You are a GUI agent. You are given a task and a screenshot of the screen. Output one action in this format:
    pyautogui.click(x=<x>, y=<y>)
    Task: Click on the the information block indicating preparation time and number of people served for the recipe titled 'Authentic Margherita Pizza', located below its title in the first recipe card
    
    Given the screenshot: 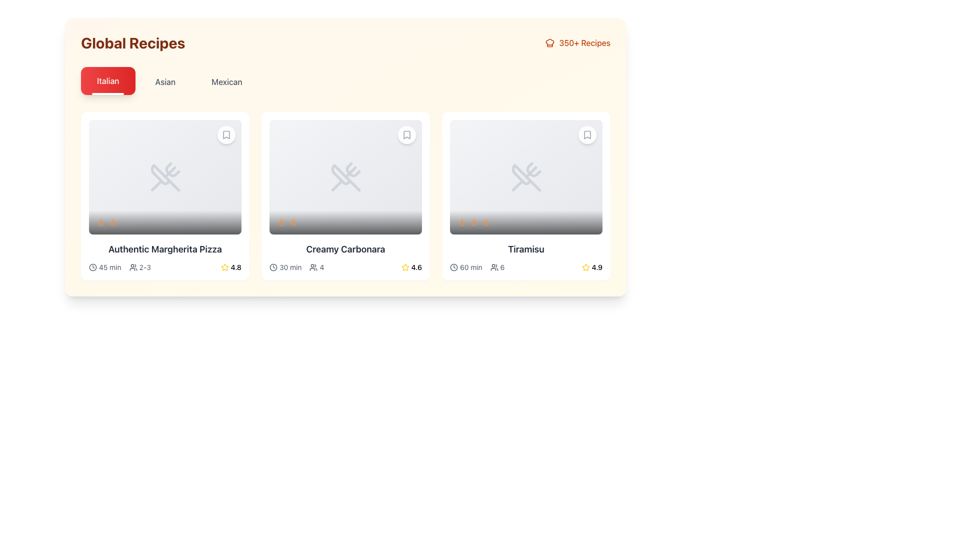 What is the action you would take?
    pyautogui.click(x=120, y=266)
    